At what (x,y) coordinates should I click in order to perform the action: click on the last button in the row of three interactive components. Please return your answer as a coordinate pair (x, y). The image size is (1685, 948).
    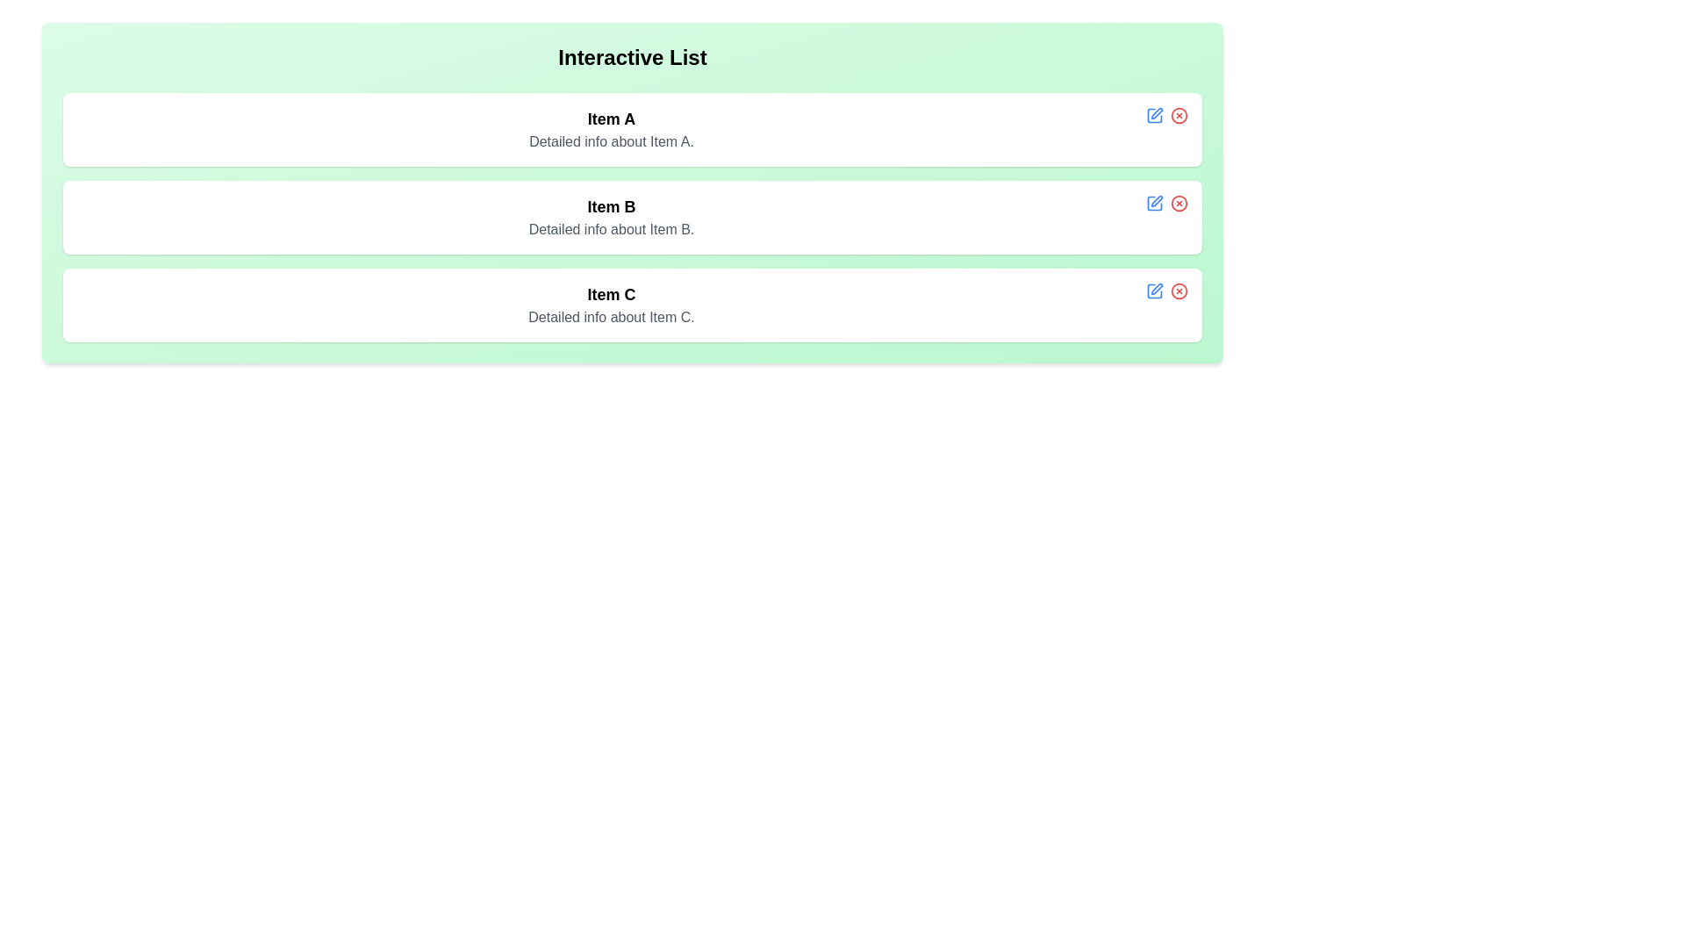
    Looking at the image, I should click on (1179, 290).